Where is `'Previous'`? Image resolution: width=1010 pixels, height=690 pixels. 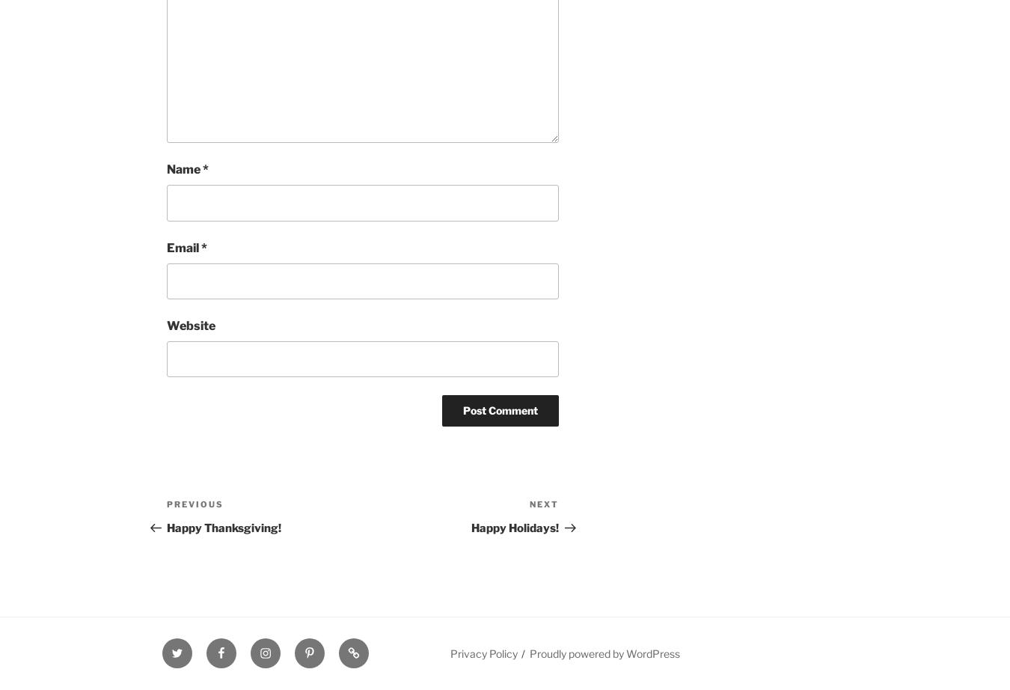
'Previous' is located at coordinates (194, 504).